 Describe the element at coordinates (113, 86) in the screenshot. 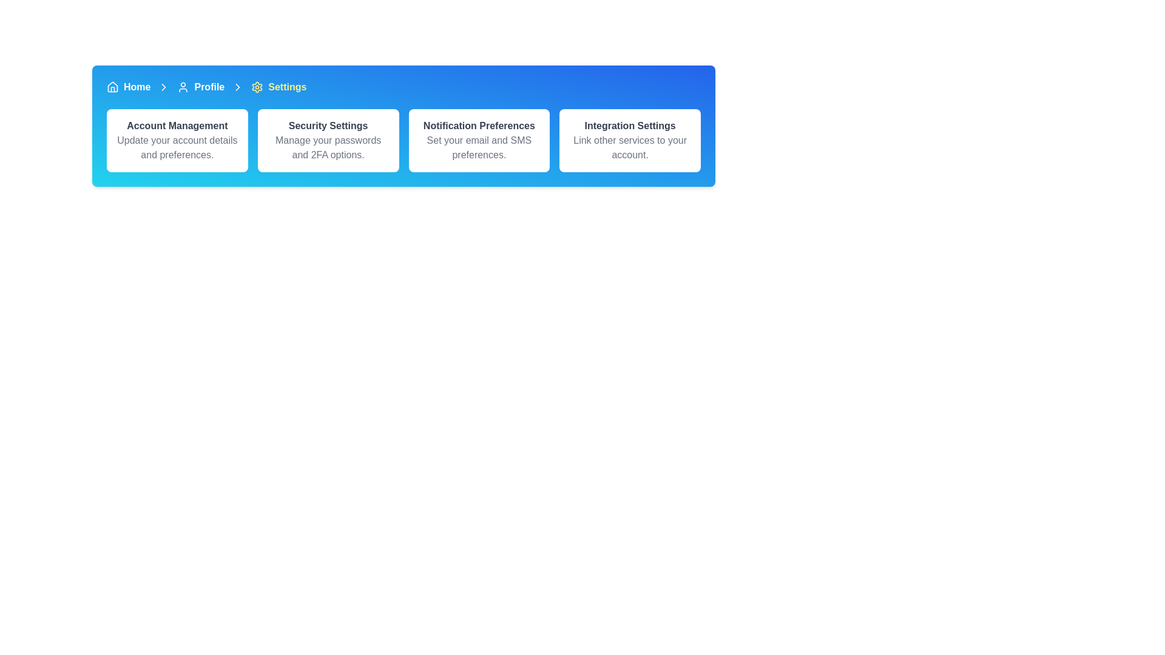

I see `the SVG graphic of a house icon located at the top left of the navigation bar` at that location.